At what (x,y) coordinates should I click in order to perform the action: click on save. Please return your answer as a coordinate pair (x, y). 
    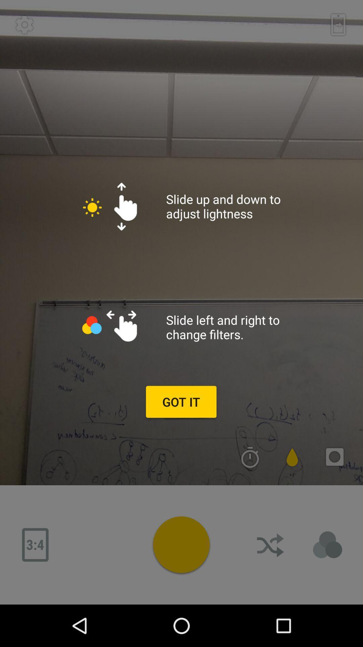
    Looking at the image, I should click on (338, 25).